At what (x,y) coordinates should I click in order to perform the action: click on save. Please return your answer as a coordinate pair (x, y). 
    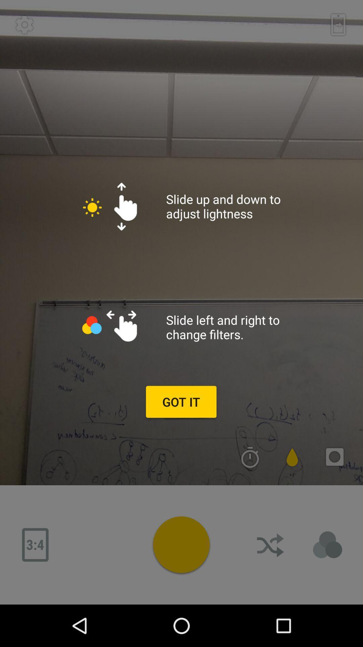
    Looking at the image, I should click on (338, 25).